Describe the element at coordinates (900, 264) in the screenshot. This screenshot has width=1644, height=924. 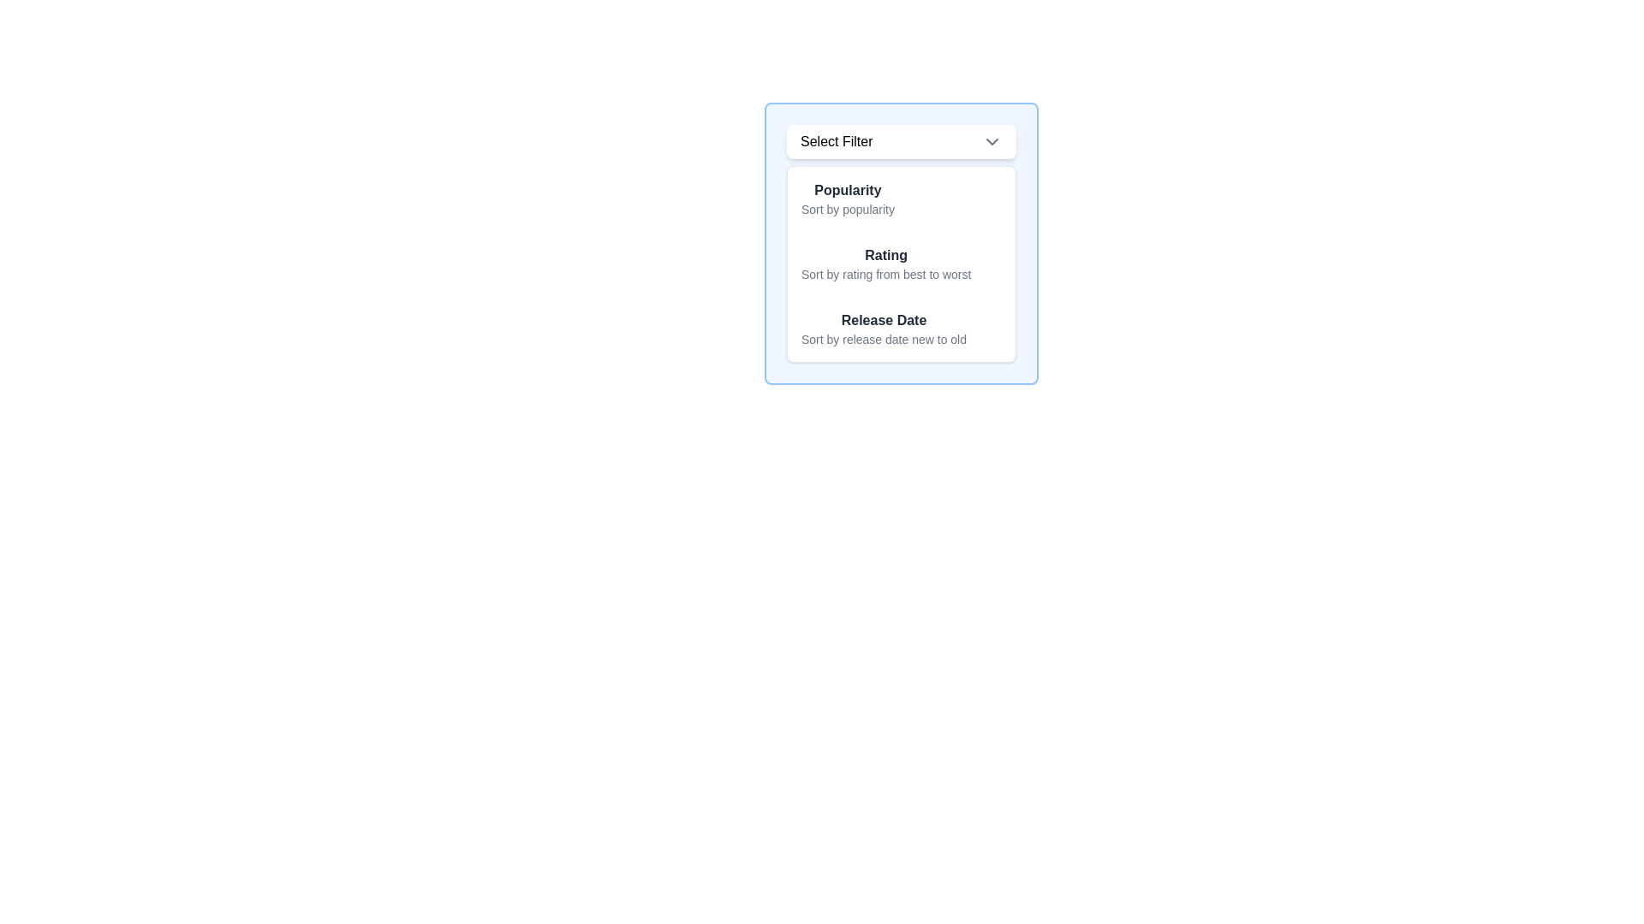
I see `to select the 'Rating' sorting option in the dropdown menu, which is the second option among three, with a bold title and explanatory text` at that location.